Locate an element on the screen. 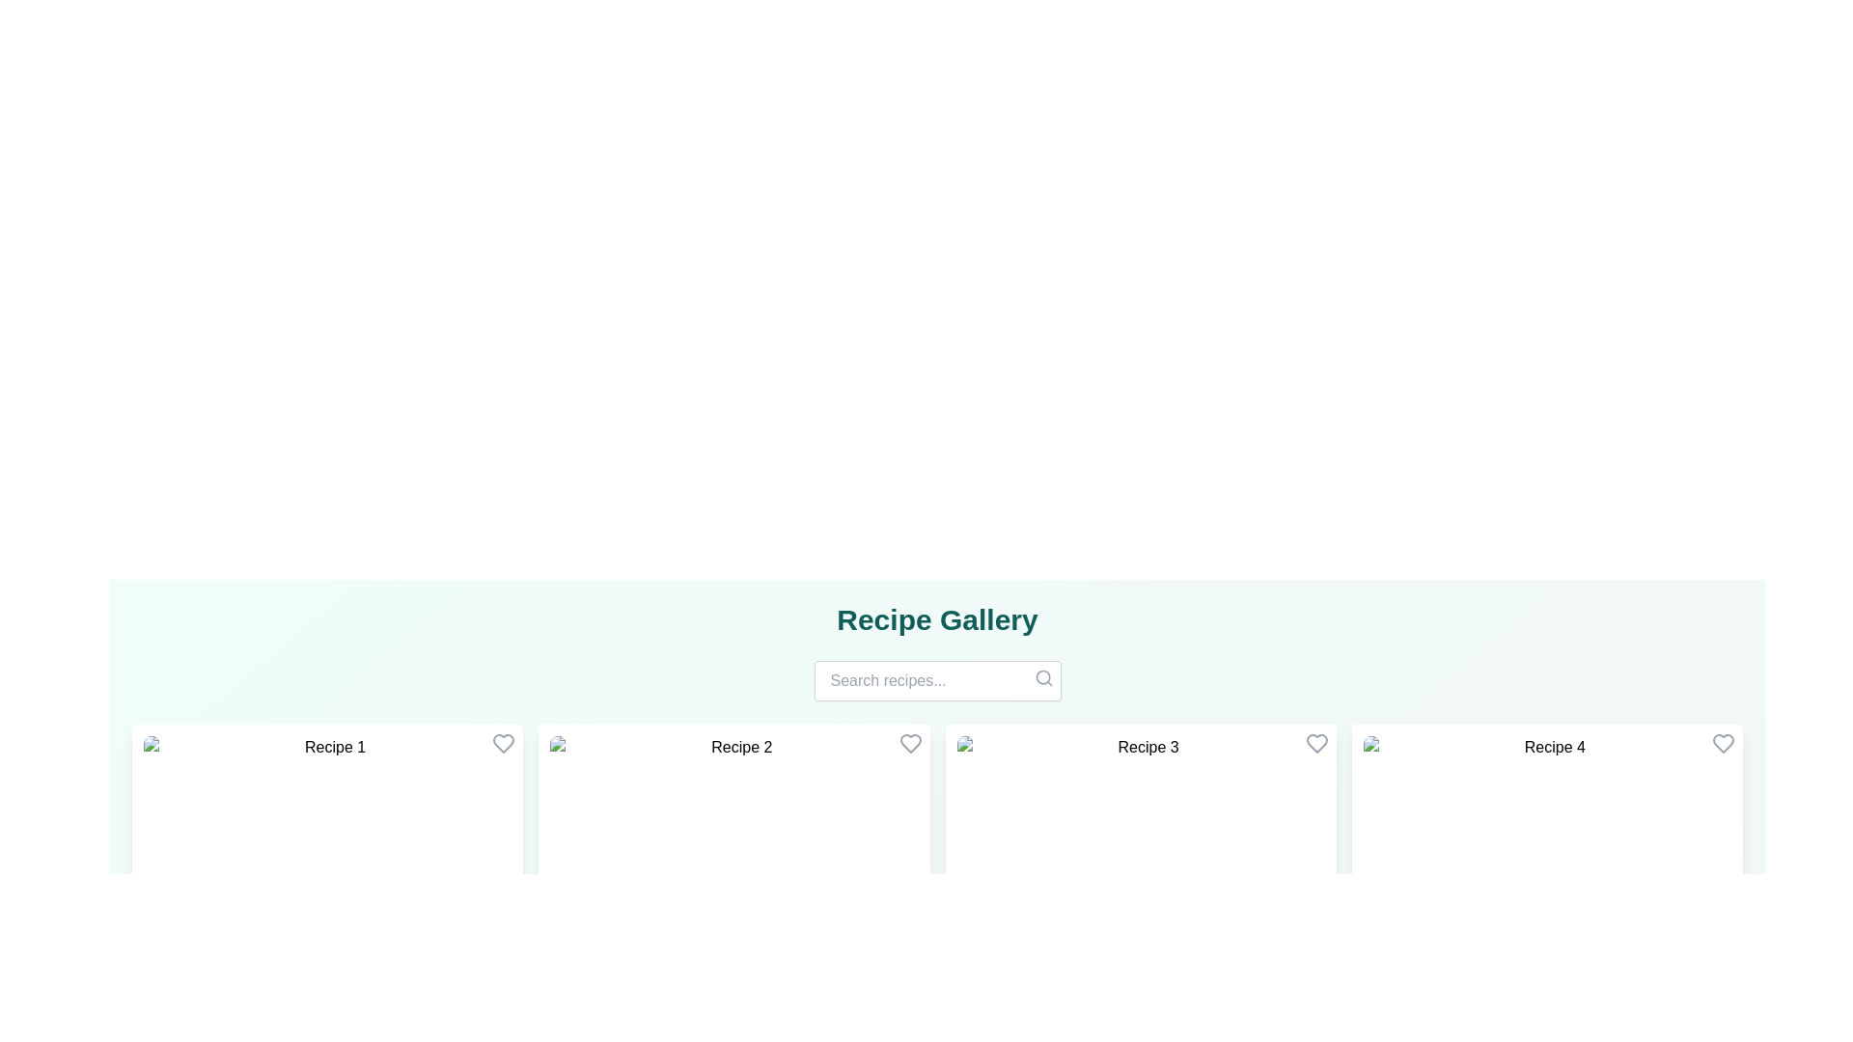 The image size is (1853, 1042). the heading text element that indicates the purpose of the content below, which is a gallery of recipes is located at coordinates (937, 620).